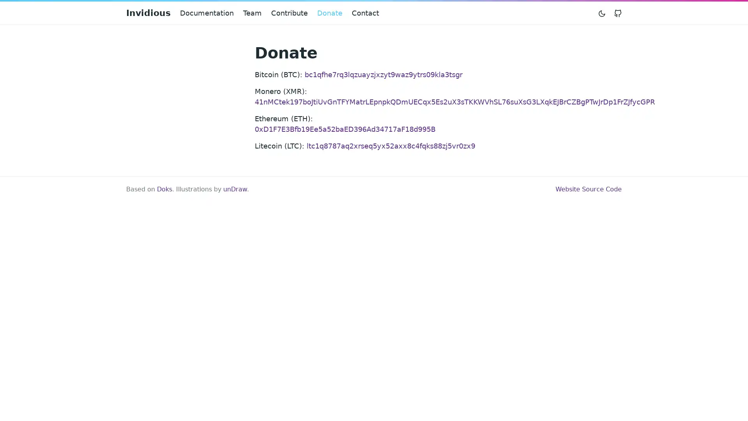 Image resolution: width=748 pixels, height=421 pixels. Describe the element at coordinates (602, 13) in the screenshot. I see `Toggle mode` at that location.